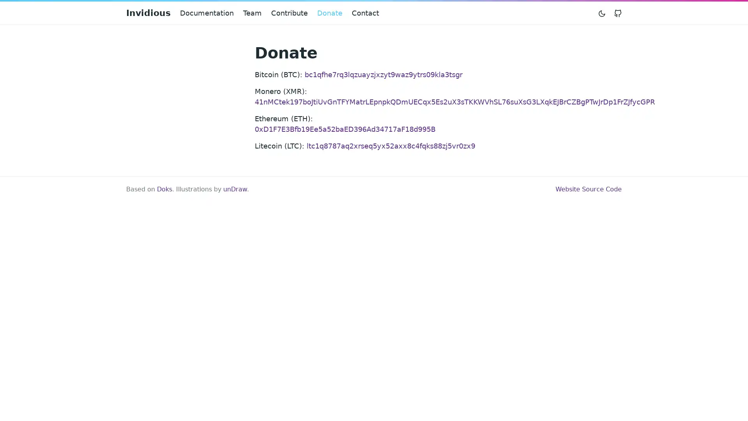 Image resolution: width=748 pixels, height=421 pixels. Describe the element at coordinates (602, 13) in the screenshot. I see `Toggle mode` at that location.